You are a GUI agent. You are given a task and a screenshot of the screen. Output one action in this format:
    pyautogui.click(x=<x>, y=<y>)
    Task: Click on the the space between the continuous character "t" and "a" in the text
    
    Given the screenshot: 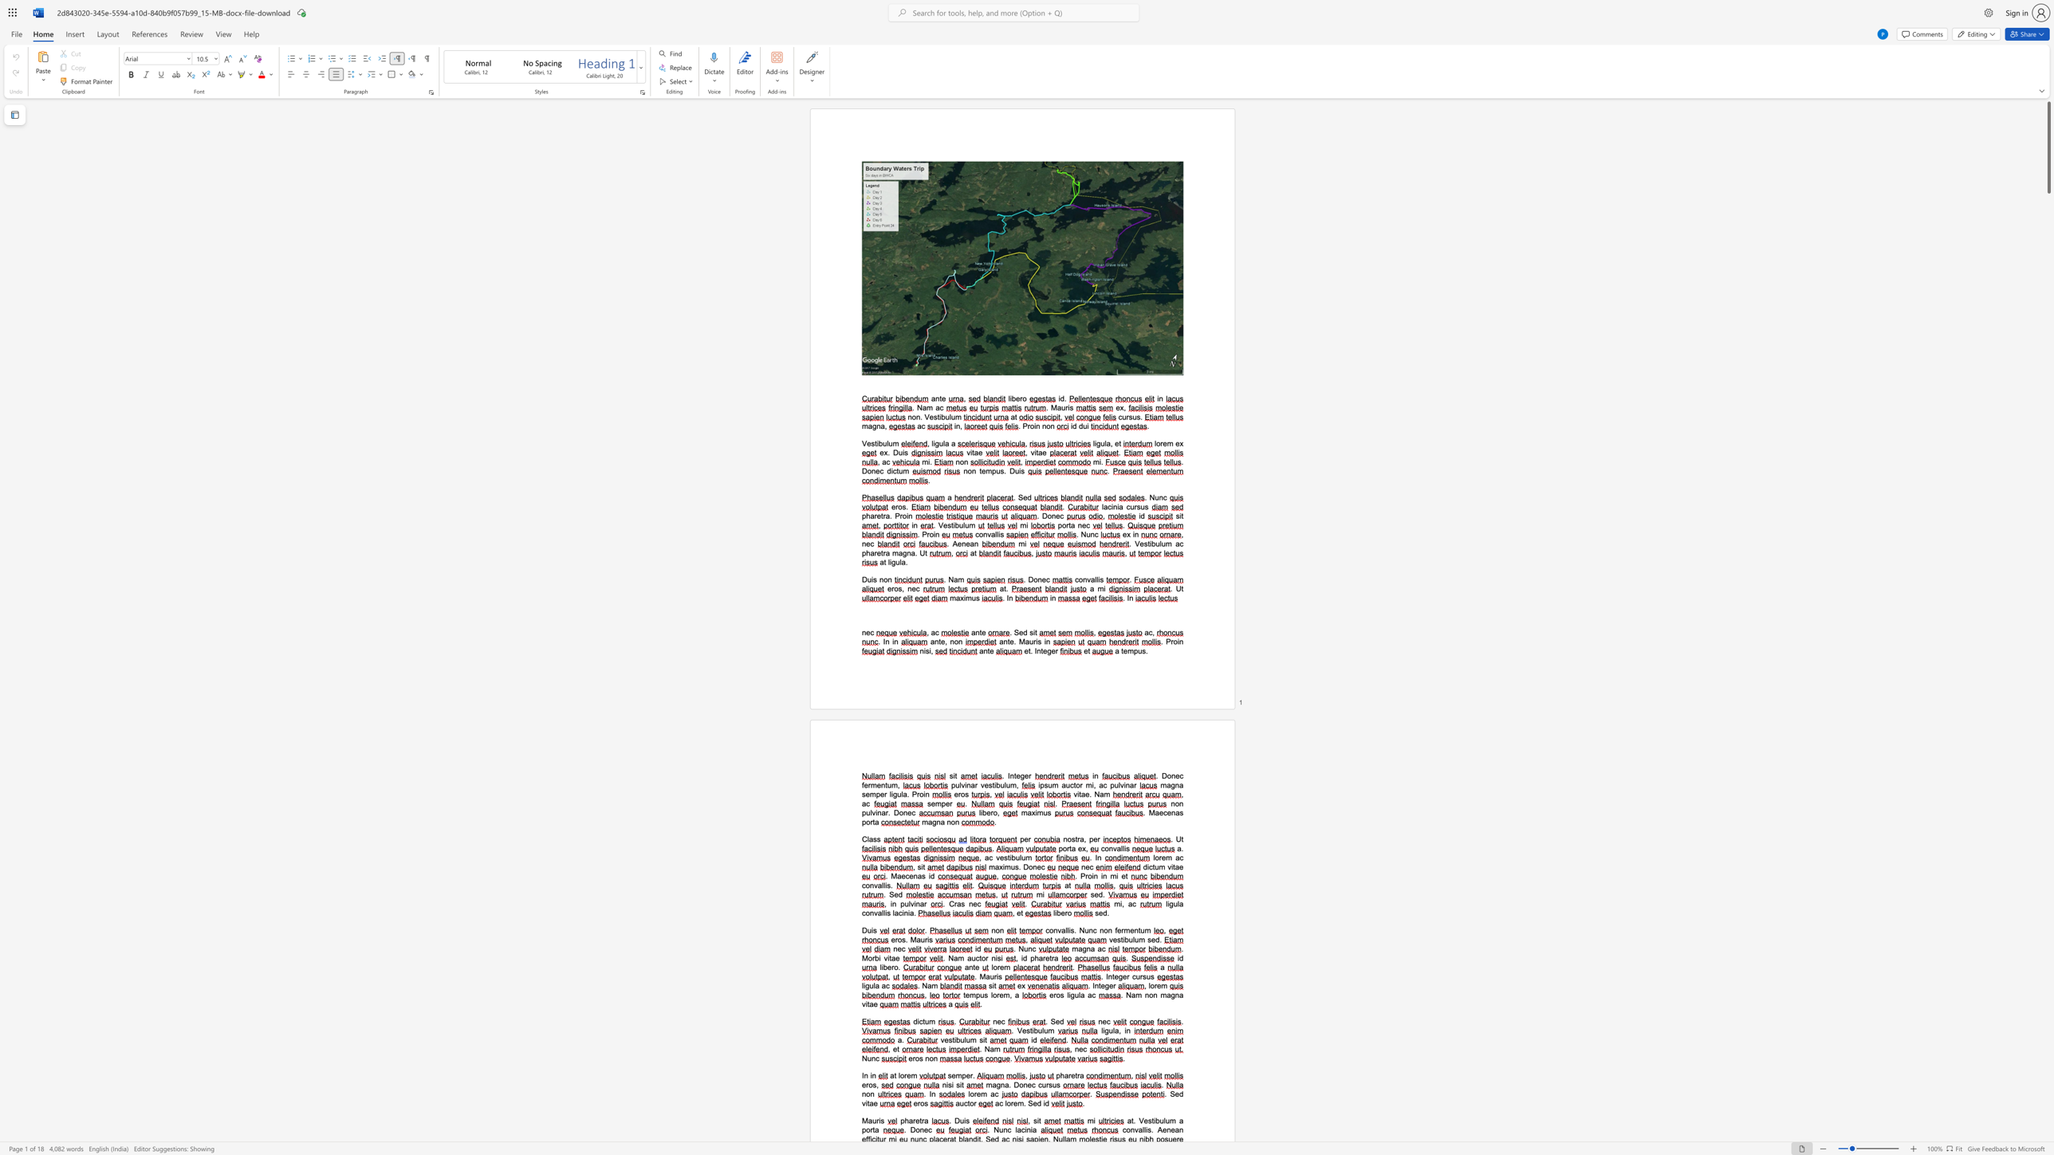 What is the action you would take?
    pyautogui.click(x=870, y=1103)
    